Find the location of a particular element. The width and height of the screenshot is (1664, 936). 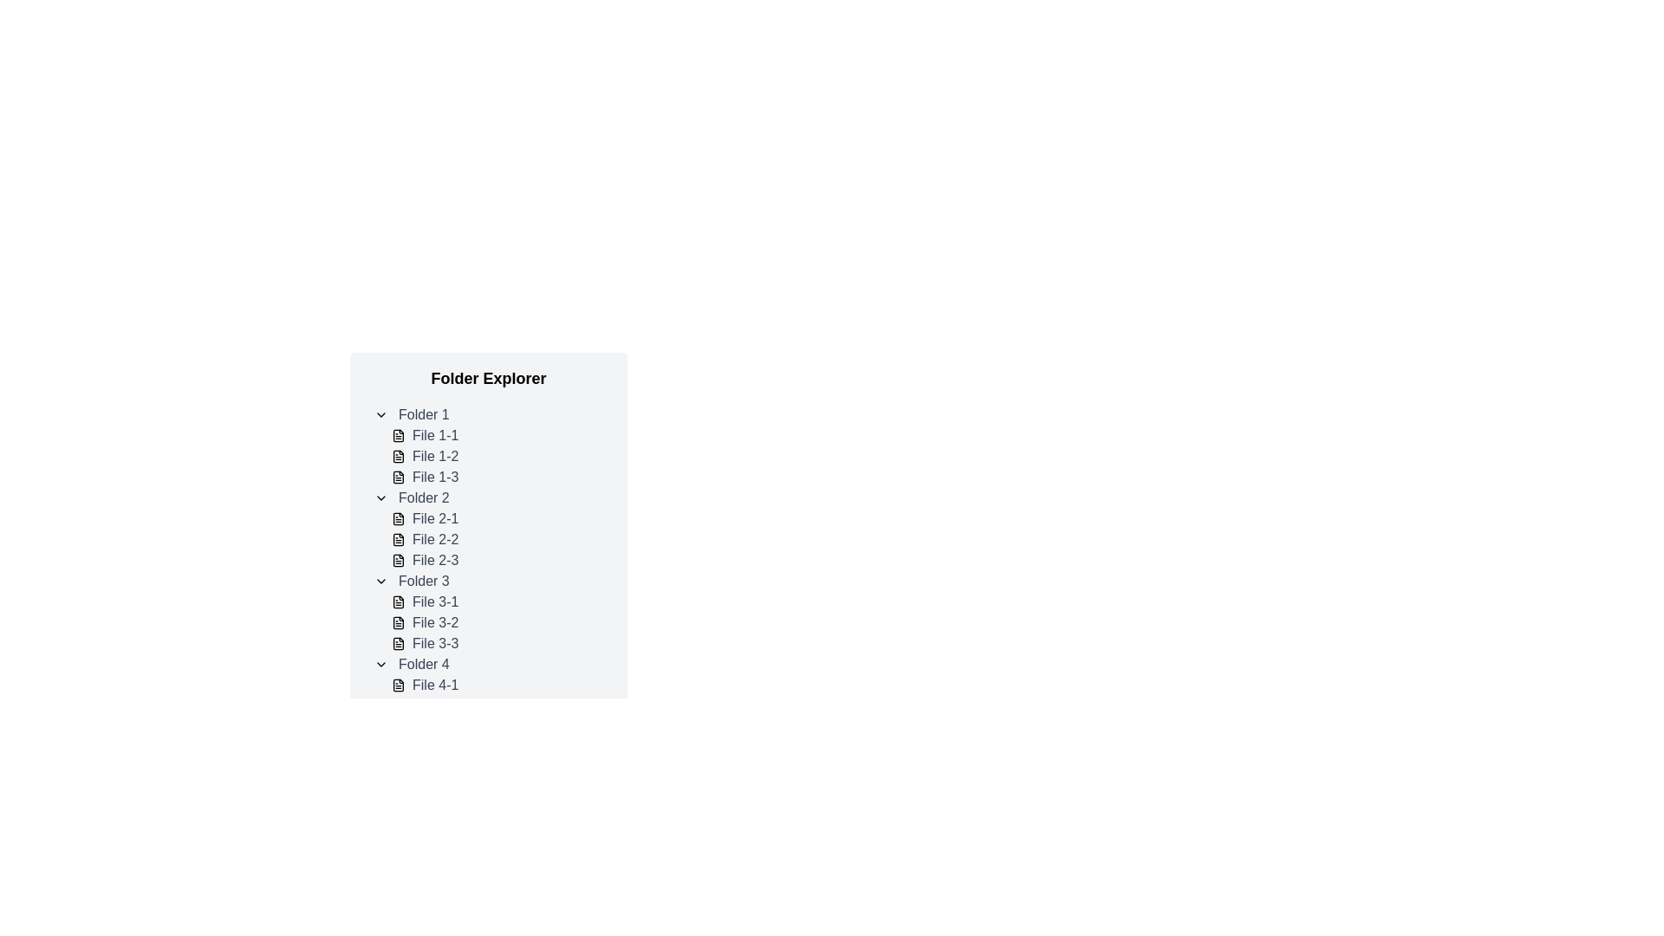

the text label named 'File 4-1' located under the 'Folder 4' section in the folder explorer interface is located at coordinates (435, 684).